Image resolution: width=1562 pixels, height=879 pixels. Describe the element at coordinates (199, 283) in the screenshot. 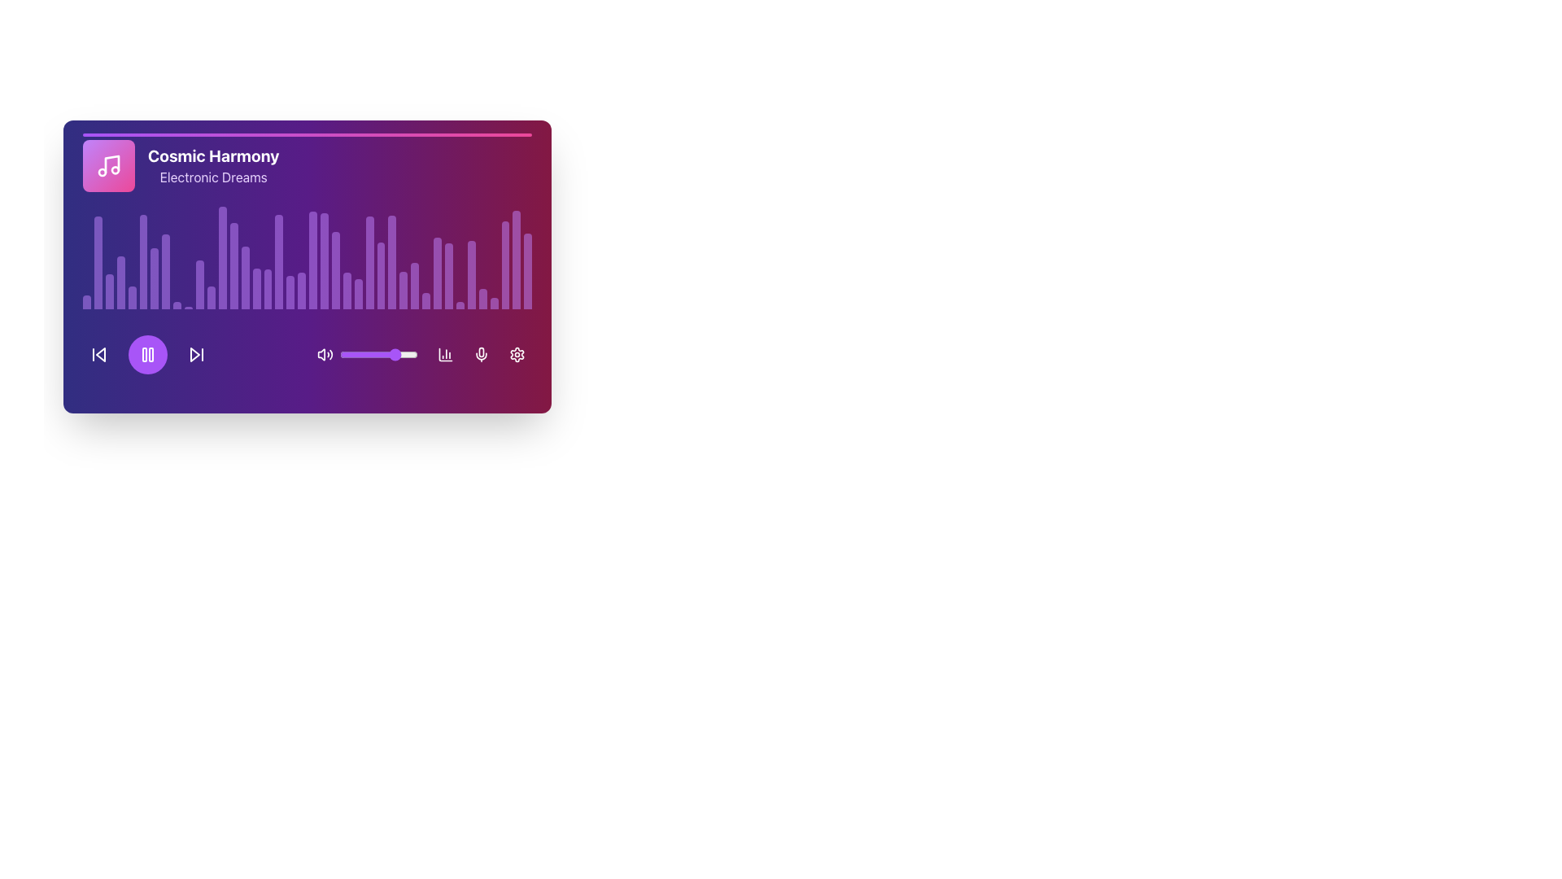

I see `the height of the 11th vertical bar in the graph, which has a purple semi-transparent background and rounded top corners, as it changes` at that location.